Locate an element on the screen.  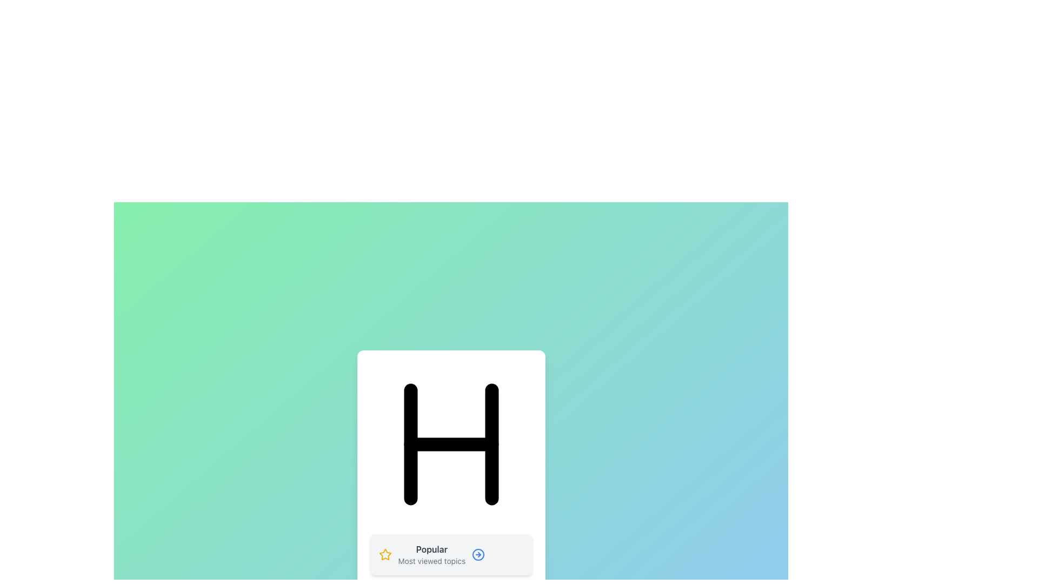
the five-pointed star icon filled with yellow hue, located near the text 'Popular' in the interface, which indicates rating or importance is located at coordinates (385, 554).